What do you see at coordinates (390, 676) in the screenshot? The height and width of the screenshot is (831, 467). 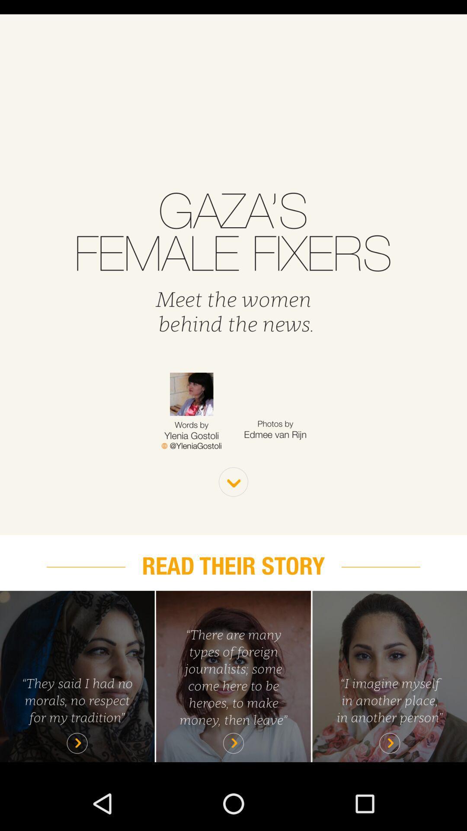 I see `choose this story` at bounding box center [390, 676].